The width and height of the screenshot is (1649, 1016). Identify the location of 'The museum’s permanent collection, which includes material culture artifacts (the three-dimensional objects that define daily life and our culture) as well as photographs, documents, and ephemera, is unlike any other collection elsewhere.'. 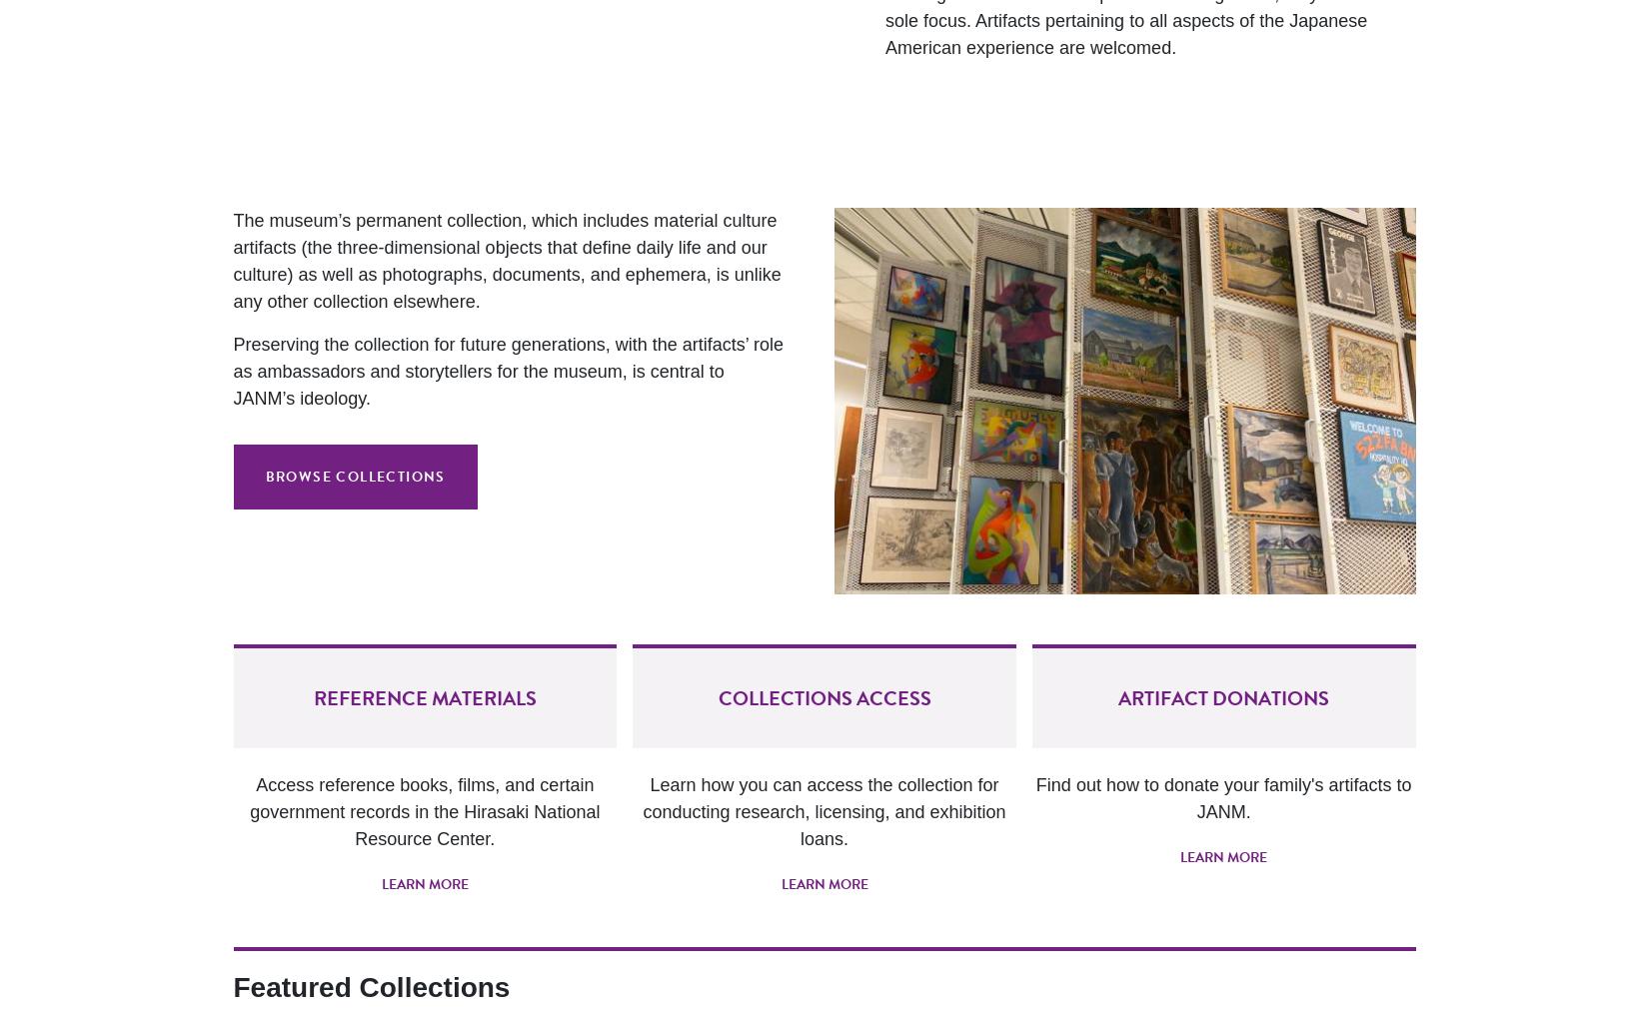
(232, 259).